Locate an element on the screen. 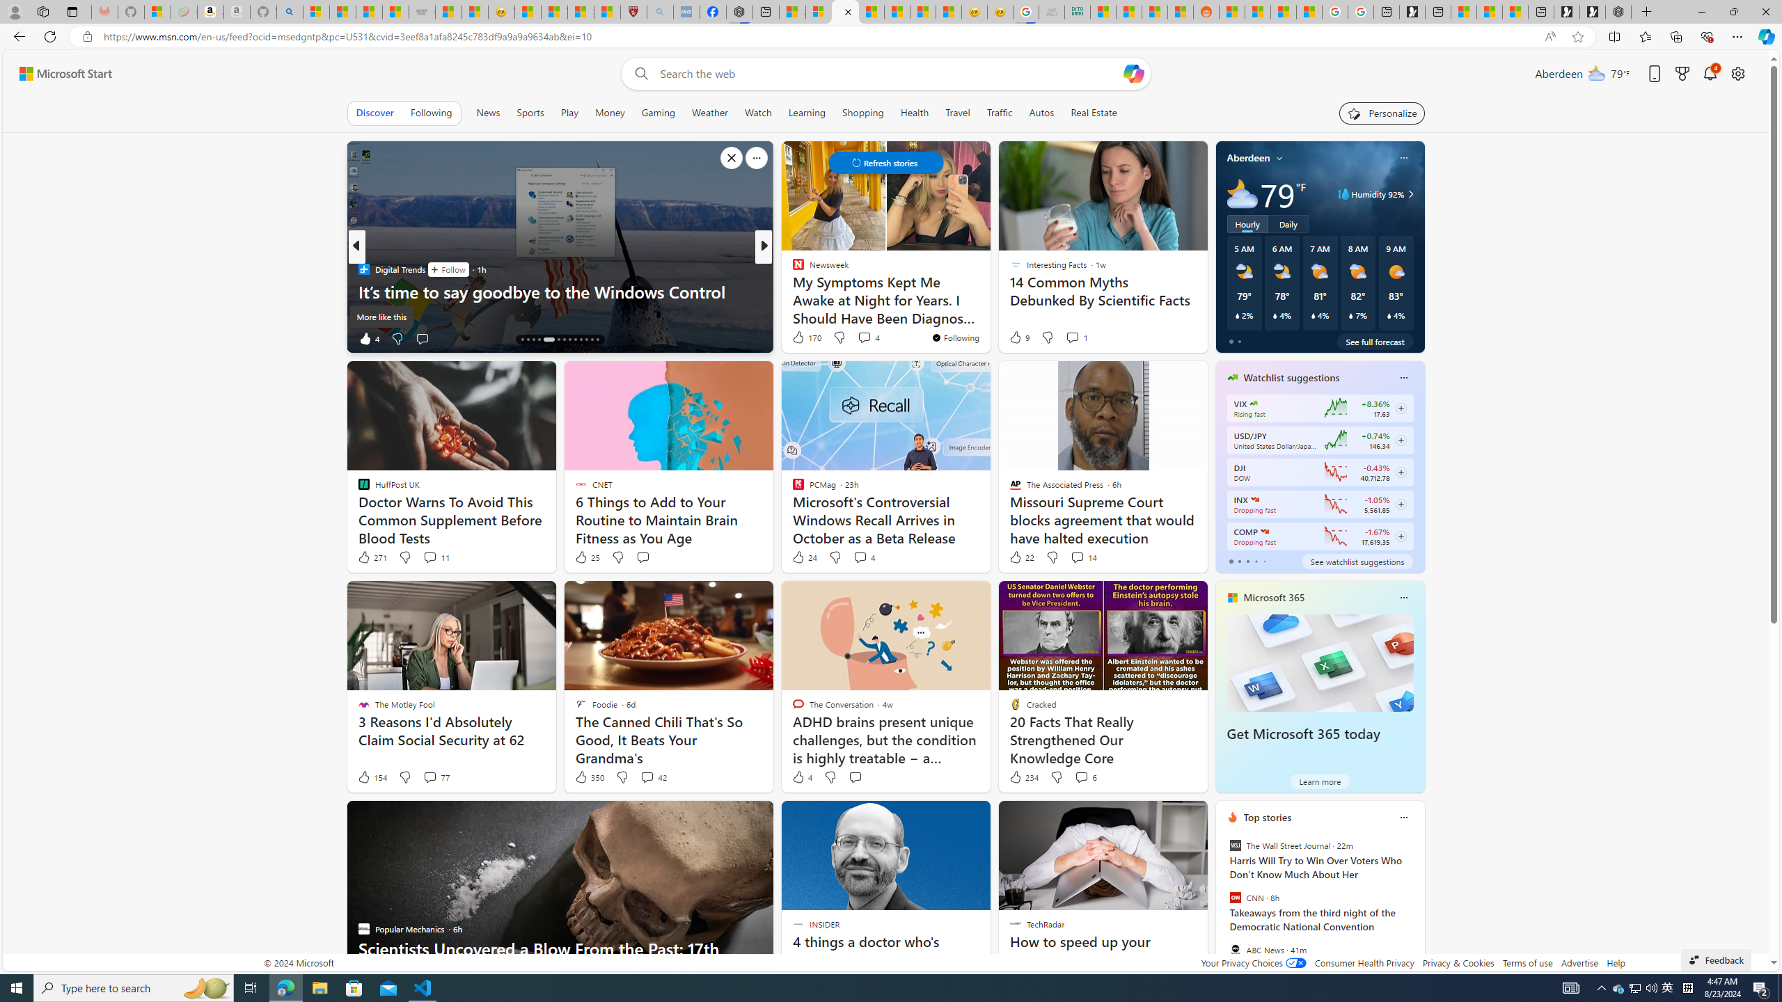 Image resolution: width=1782 pixels, height=1002 pixels. 'My location' is located at coordinates (1279, 157).